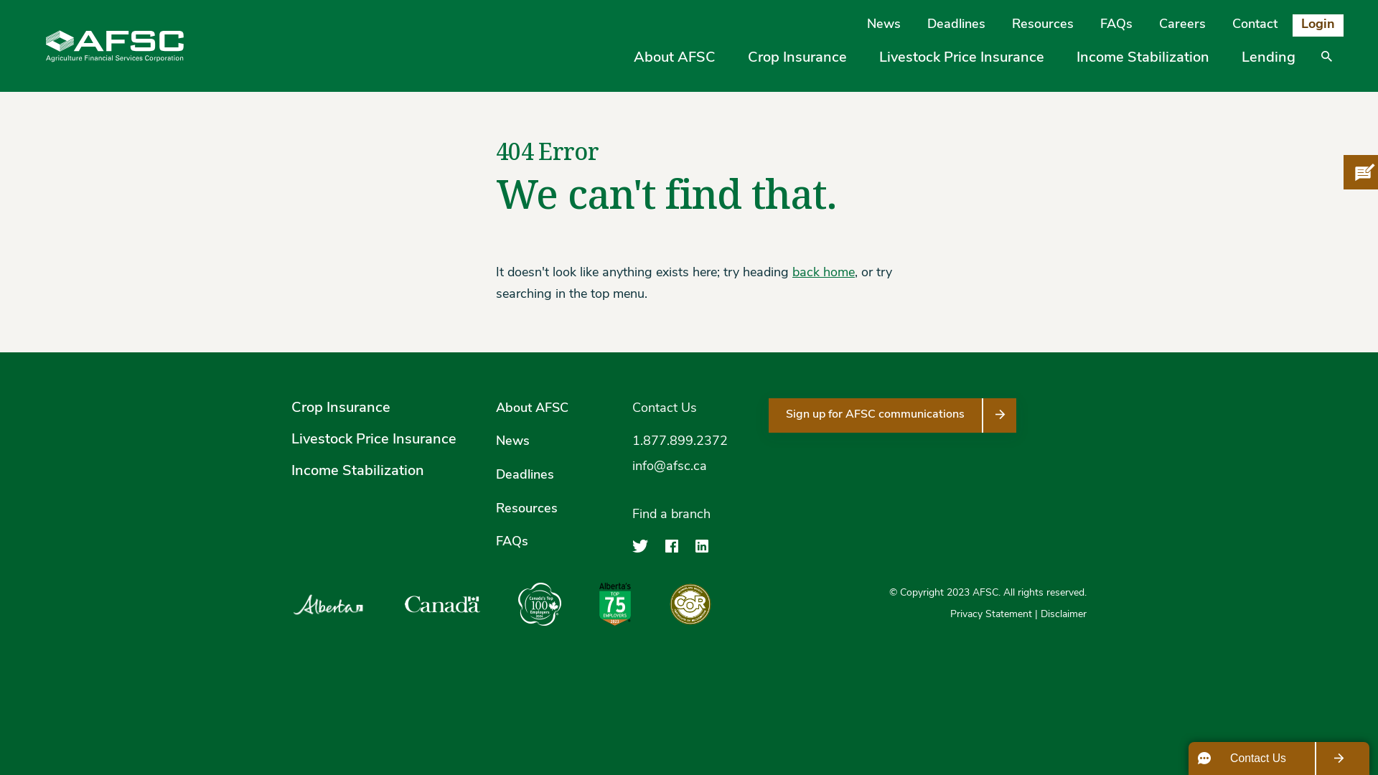 The image size is (1378, 775). Describe the element at coordinates (891, 415) in the screenshot. I see `'Sign up for AFSC communications'` at that location.